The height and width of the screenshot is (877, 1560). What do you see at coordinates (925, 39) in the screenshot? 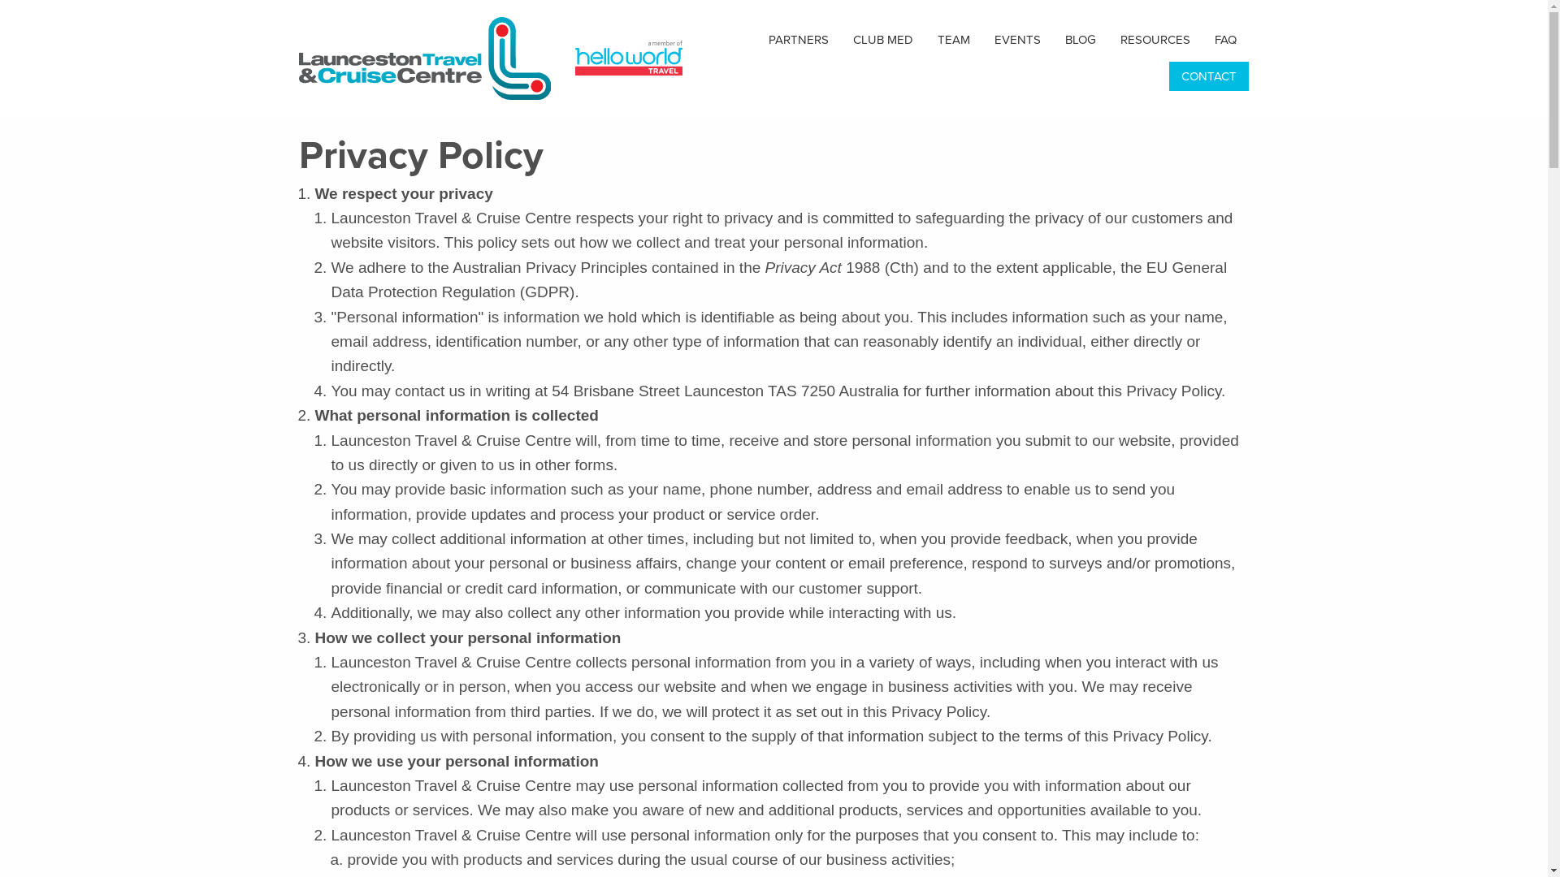
I see `'TEAM'` at bounding box center [925, 39].